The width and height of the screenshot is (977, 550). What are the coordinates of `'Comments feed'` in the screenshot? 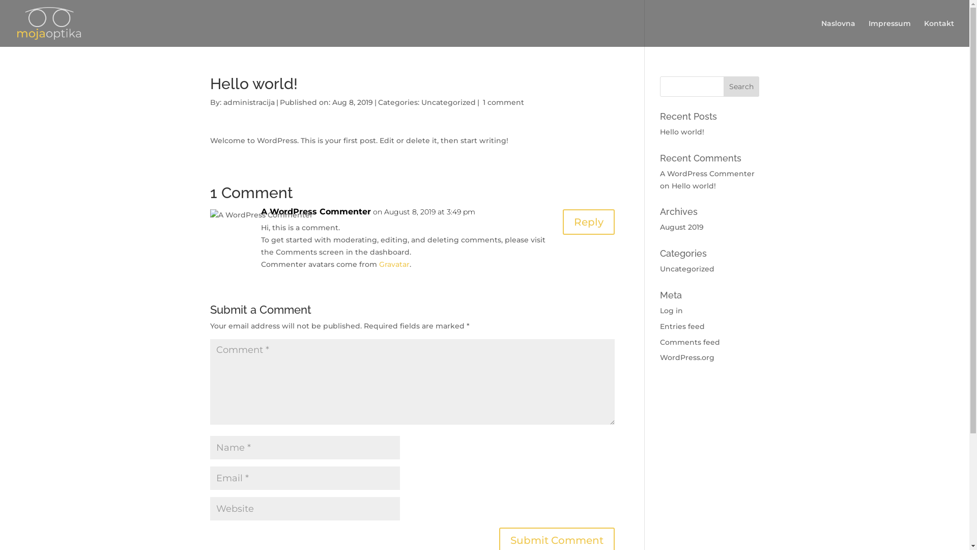 It's located at (690, 342).